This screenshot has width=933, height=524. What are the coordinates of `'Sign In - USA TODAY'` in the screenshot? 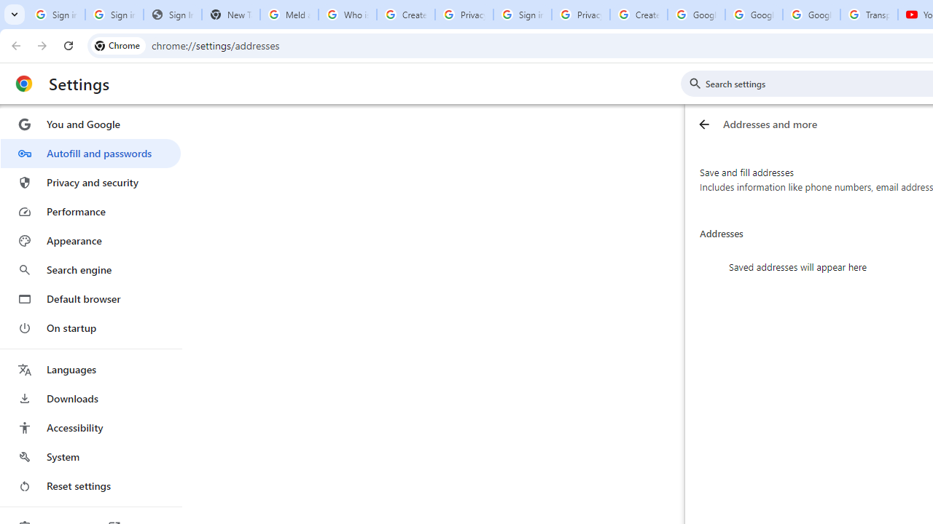 It's located at (172, 15).